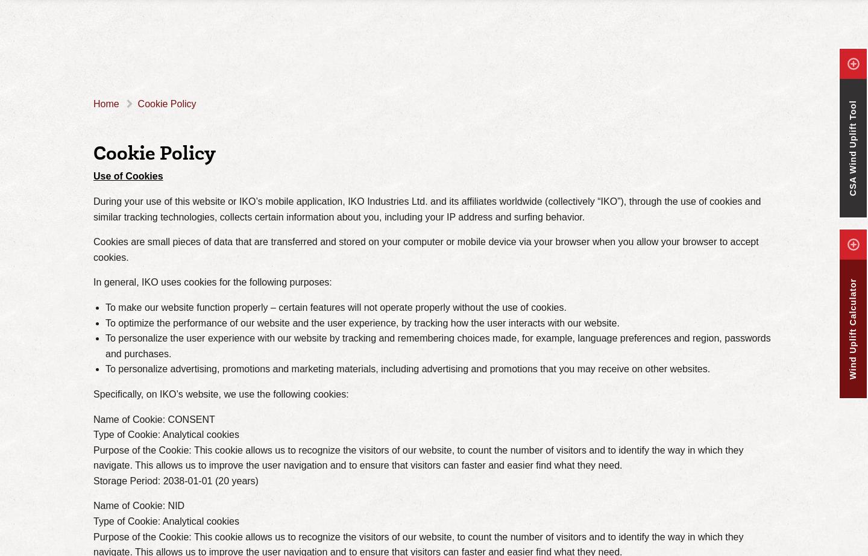 The width and height of the screenshot is (868, 556). Describe the element at coordinates (374, 28) in the screenshot. I see `'Polyiso Insulation'` at that location.